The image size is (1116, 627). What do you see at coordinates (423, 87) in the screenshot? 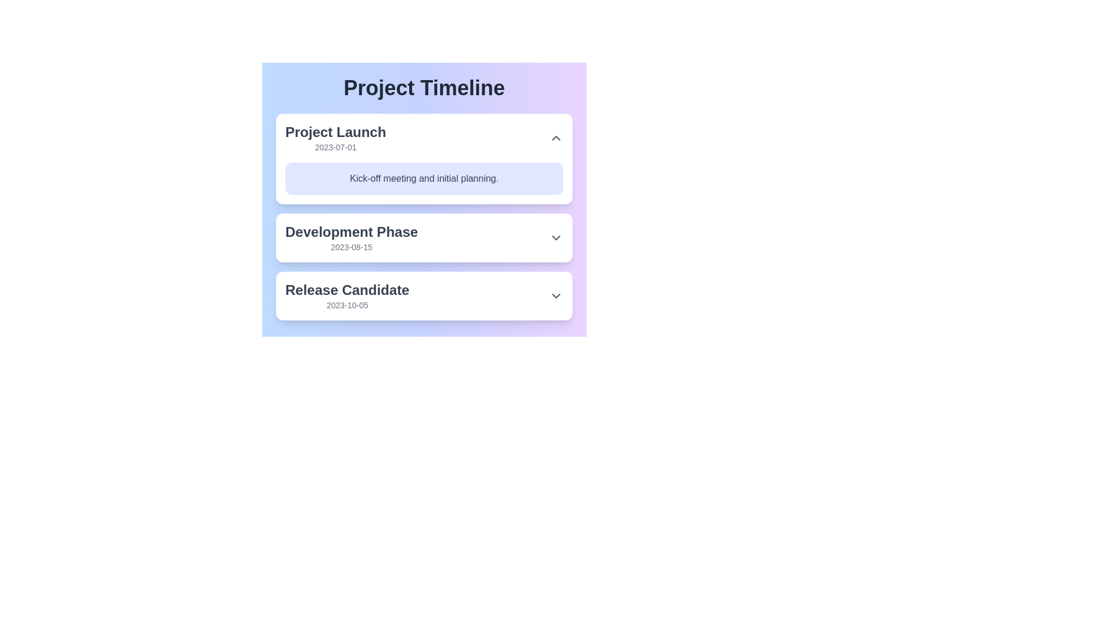
I see `the Header text element titled 'Project Timeline', which serves as the title for the surrounding content` at bounding box center [423, 87].